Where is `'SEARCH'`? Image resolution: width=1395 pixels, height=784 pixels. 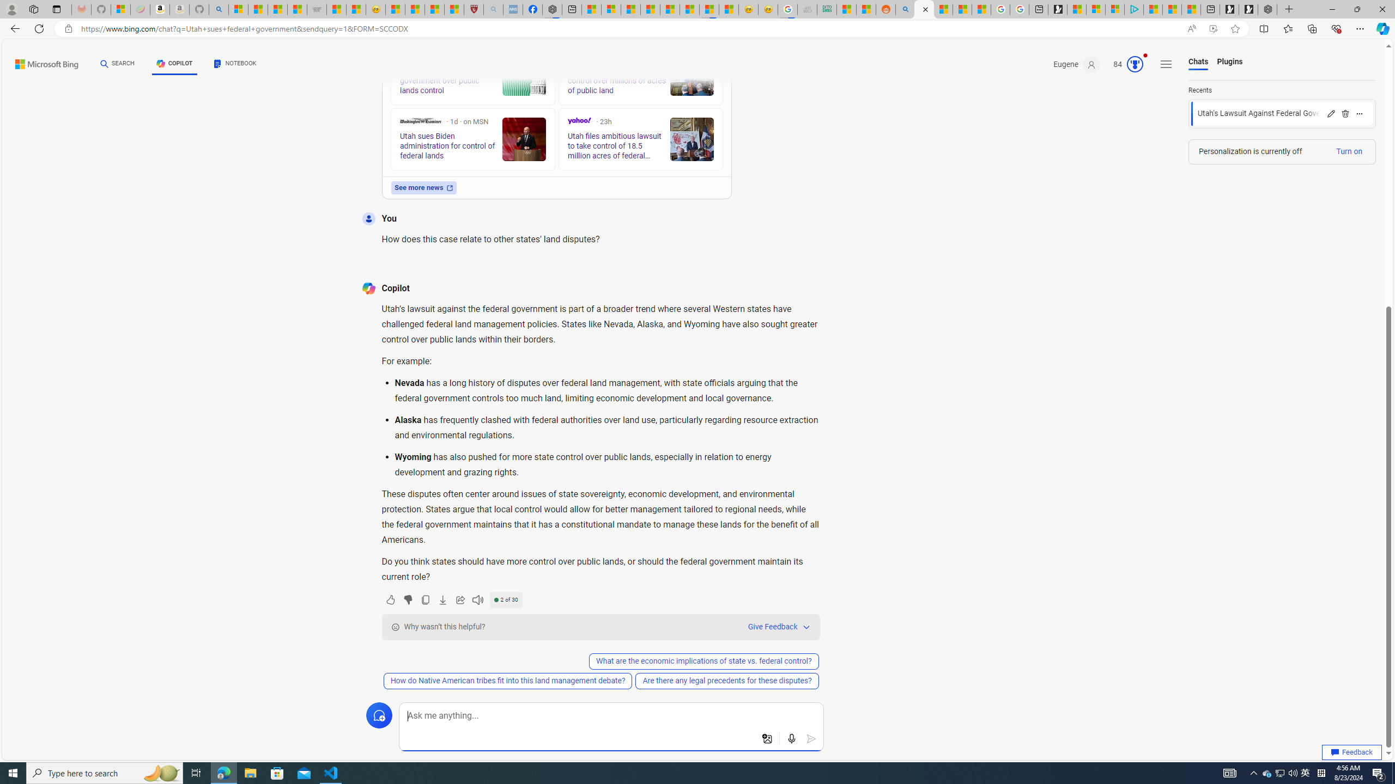 'SEARCH' is located at coordinates (118, 63).